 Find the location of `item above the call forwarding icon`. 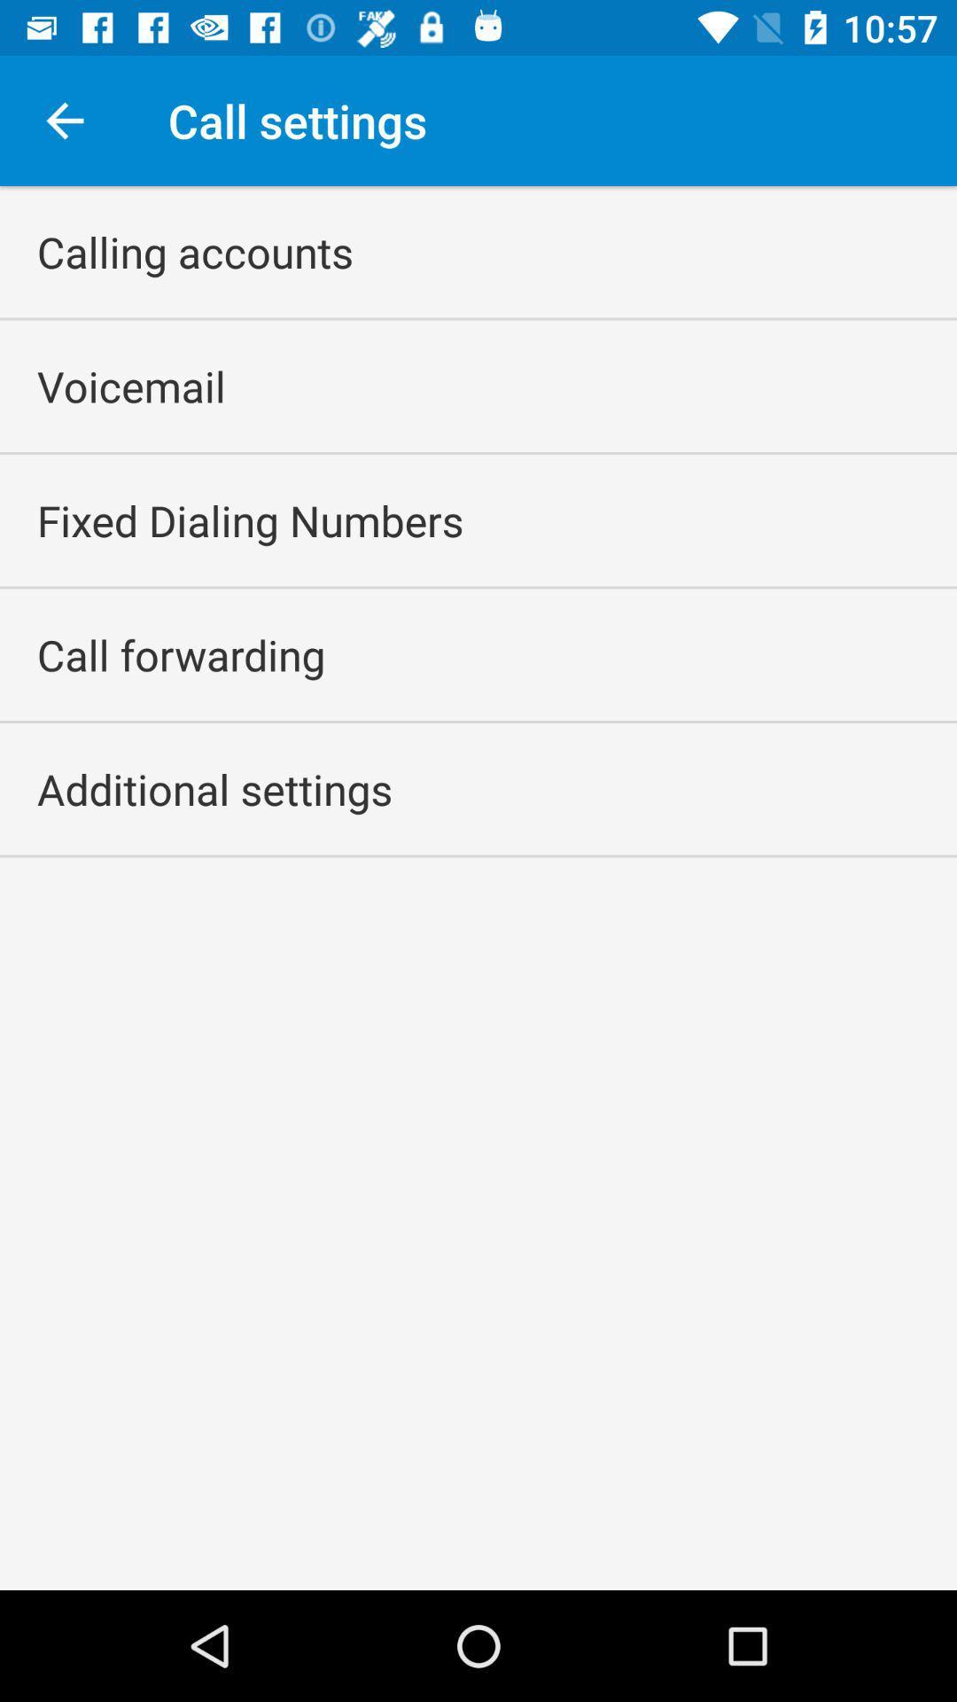

item above the call forwarding icon is located at coordinates (250, 519).